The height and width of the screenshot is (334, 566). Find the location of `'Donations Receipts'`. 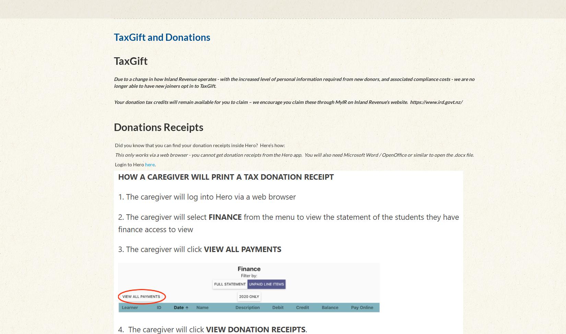

'Donations Receipts' is located at coordinates (158, 127).